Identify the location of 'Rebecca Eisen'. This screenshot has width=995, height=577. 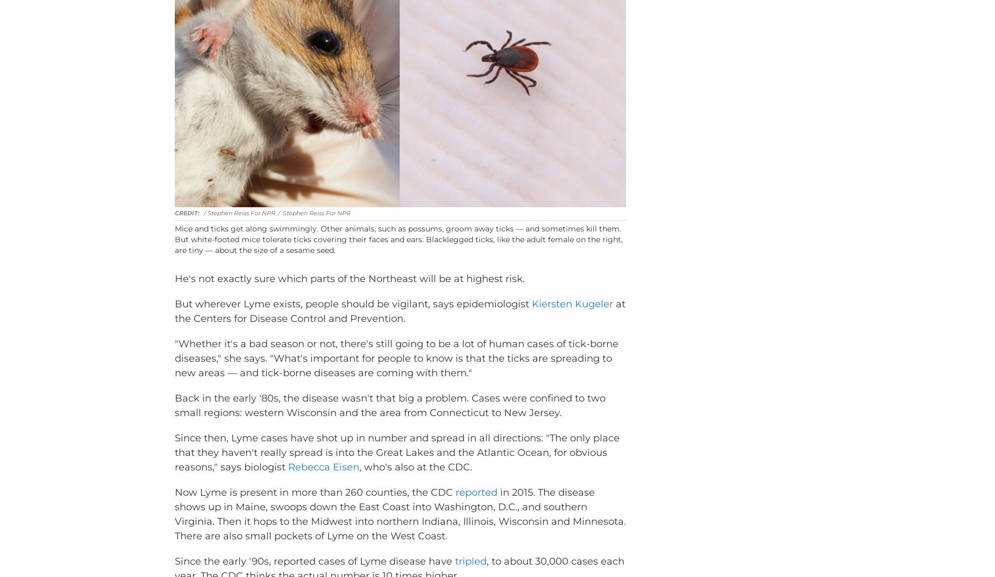
(323, 483).